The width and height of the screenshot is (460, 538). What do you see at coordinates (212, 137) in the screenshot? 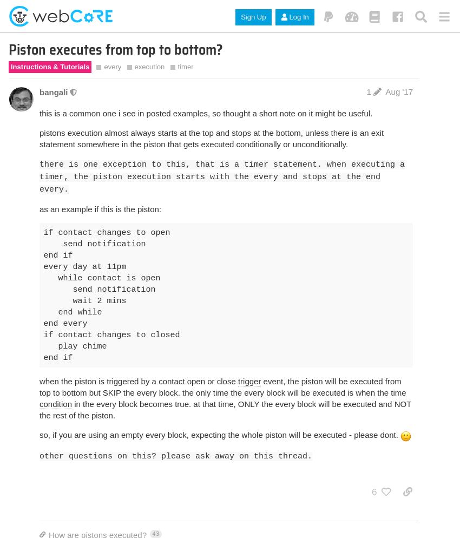
I see `'pistons execution almost always starts at the top and stops at the bottom, unless there is an exit statement somewhere in the piston that gets executed conditionally or unconditionally.'` at bounding box center [212, 137].